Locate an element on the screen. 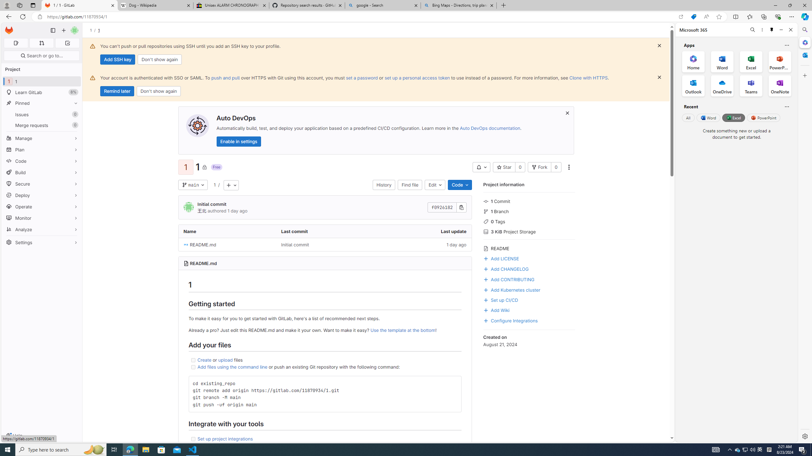  'Last update' is located at coordinates (422, 231).